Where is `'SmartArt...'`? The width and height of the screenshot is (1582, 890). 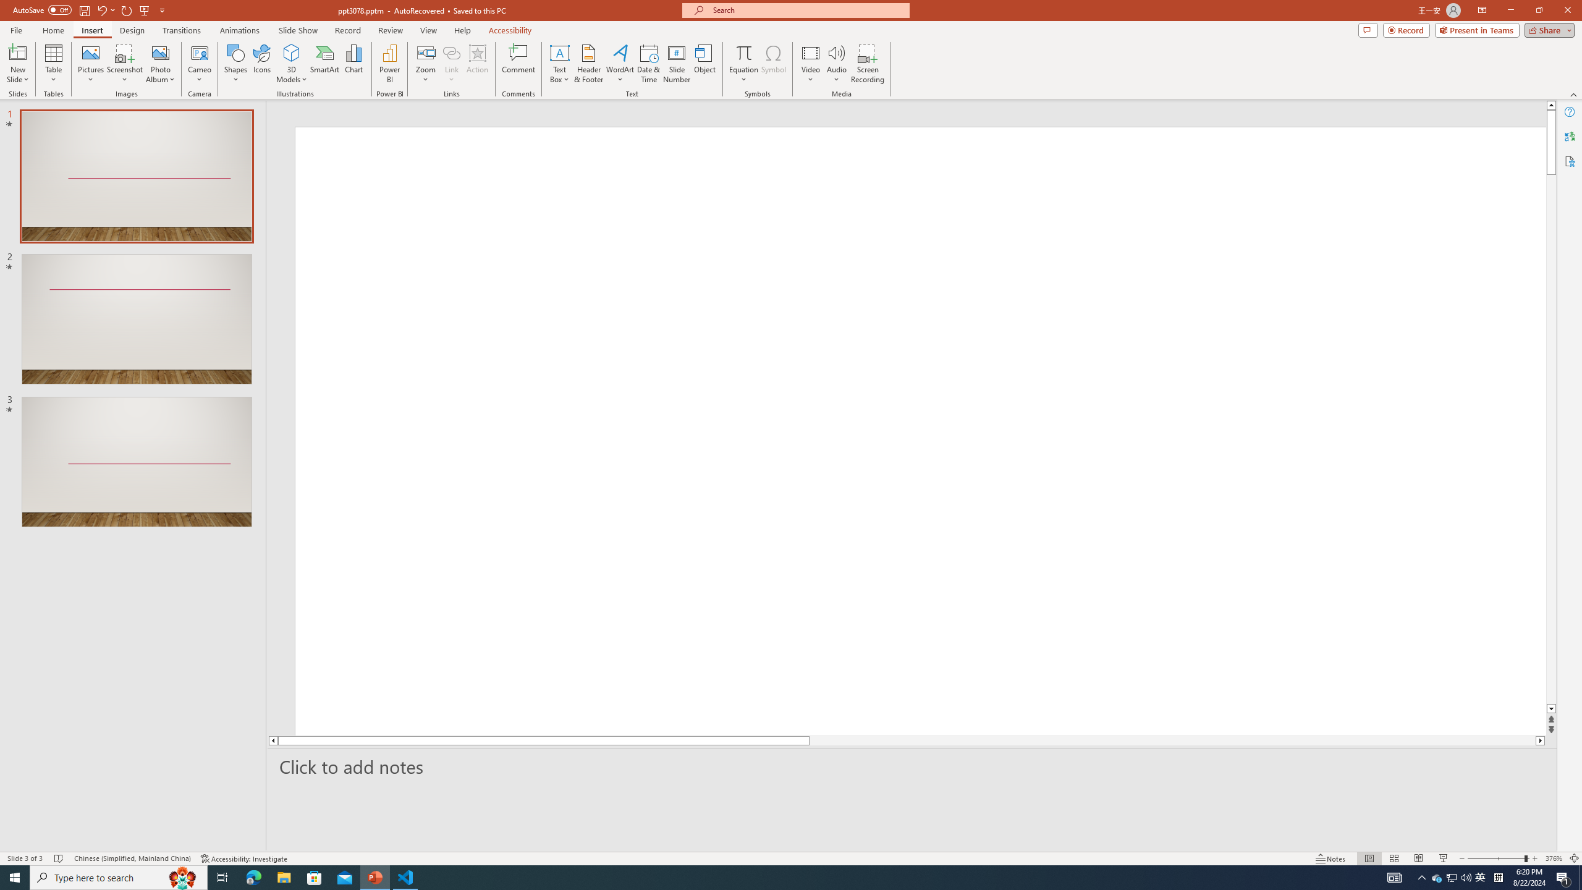 'SmartArt...' is located at coordinates (324, 64).